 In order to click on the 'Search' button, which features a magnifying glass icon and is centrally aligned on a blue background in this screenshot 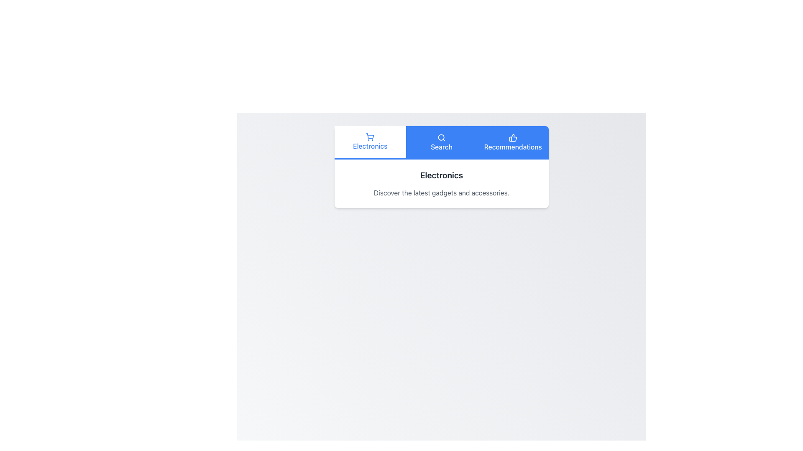, I will do `click(441, 142)`.